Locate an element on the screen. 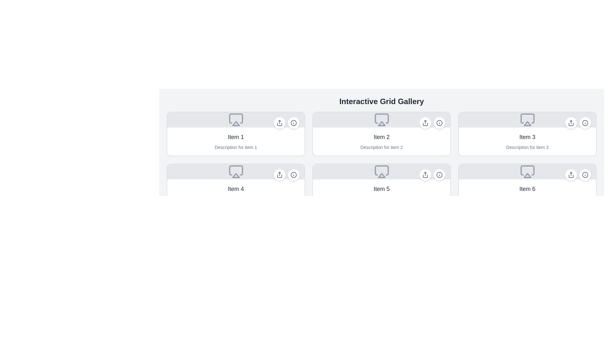  the text label that provides a brief description related to 'Item 4', located directly below the heading text 'Item 4' in the bottom-left section of the grid layout is located at coordinates (235, 199).